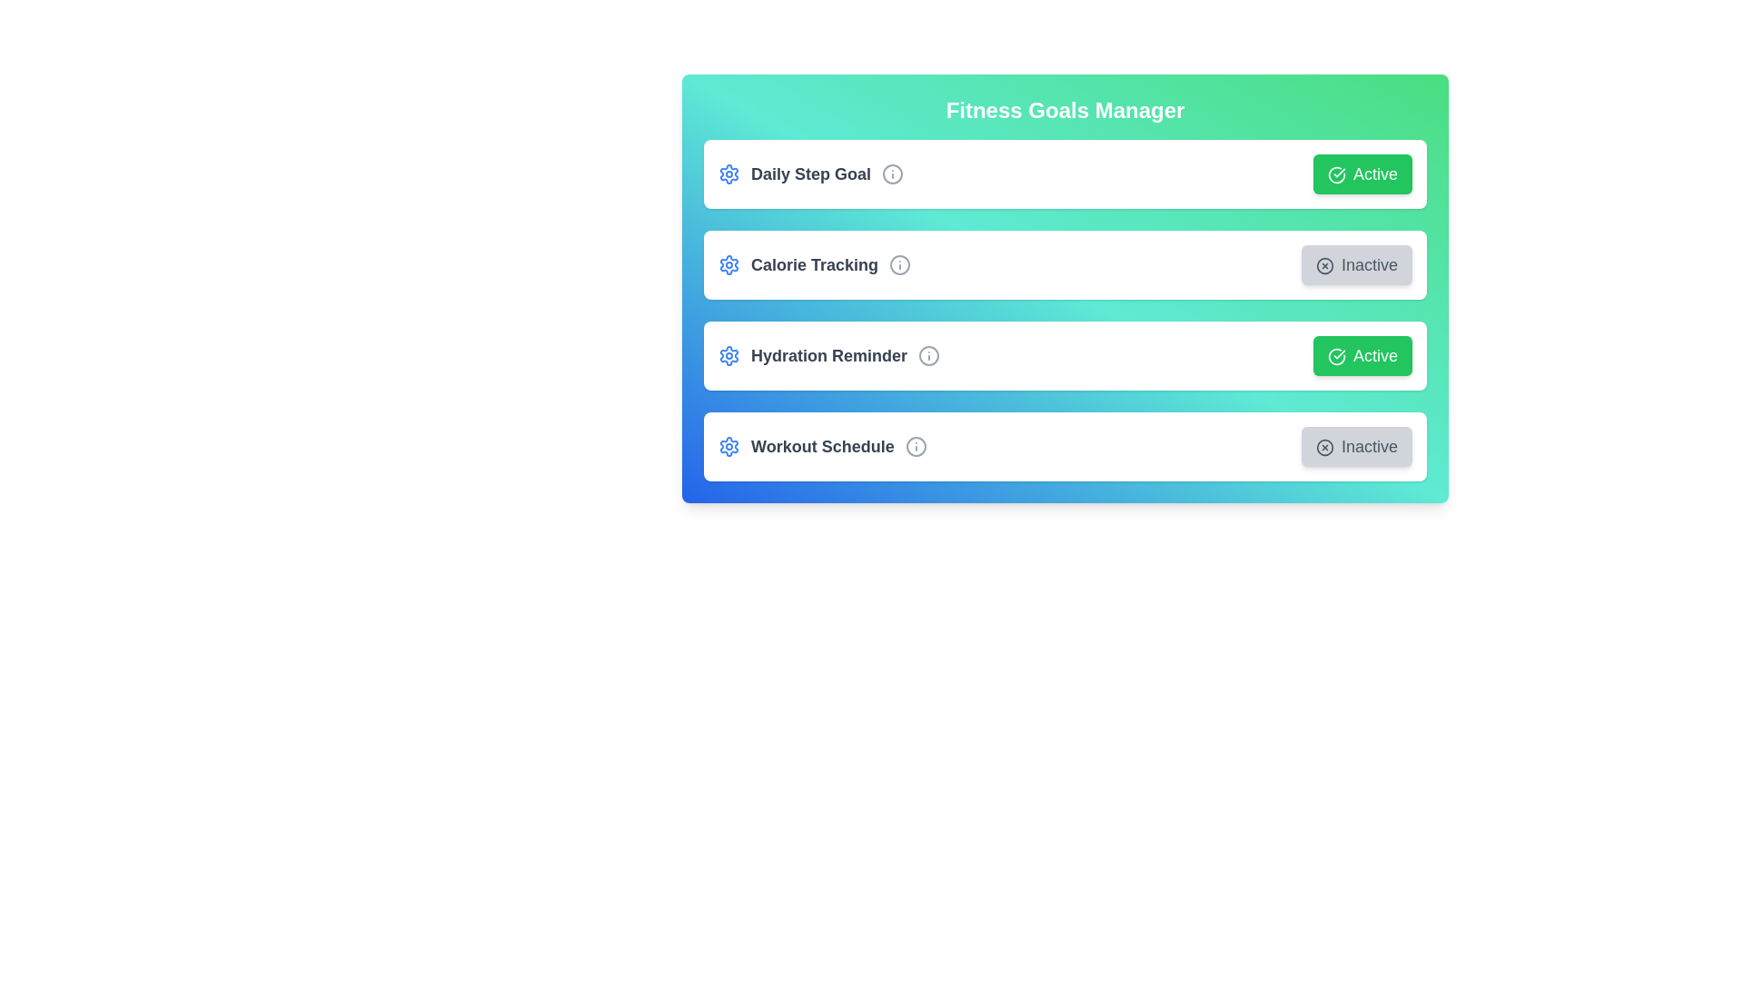  Describe the element at coordinates (728, 265) in the screenshot. I see `the Settings icon for the goal Calorie Tracking` at that location.